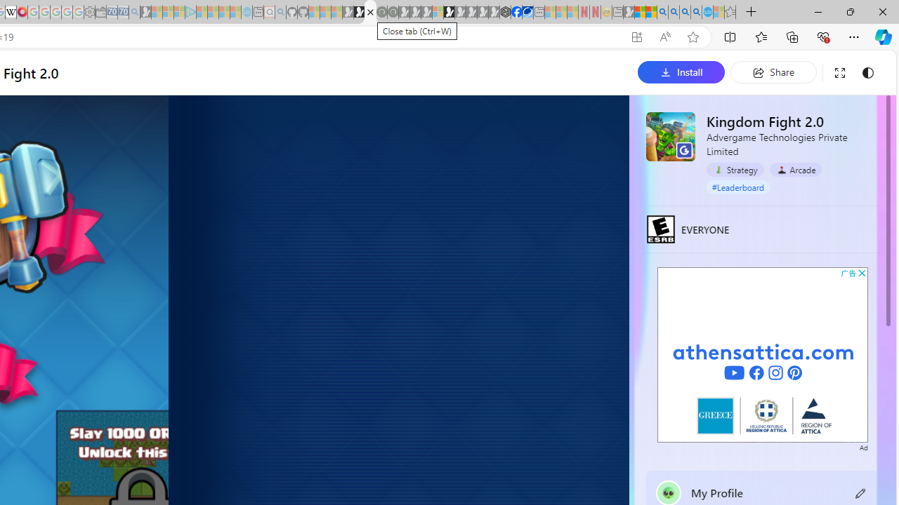 This screenshot has height=505, width=899. I want to click on 'Arcade', so click(795, 169).